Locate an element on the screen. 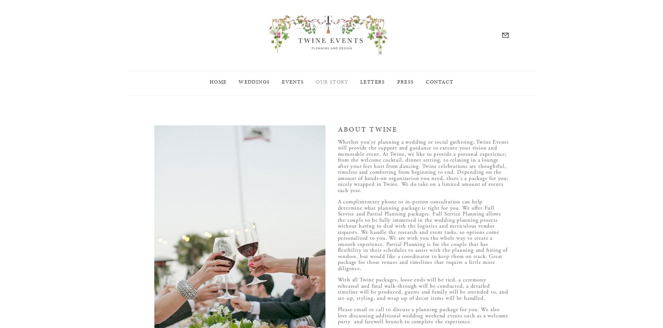 The height and width of the screenshot is (328, 663). 'EVENTS' is located at coordinates (292, 87).